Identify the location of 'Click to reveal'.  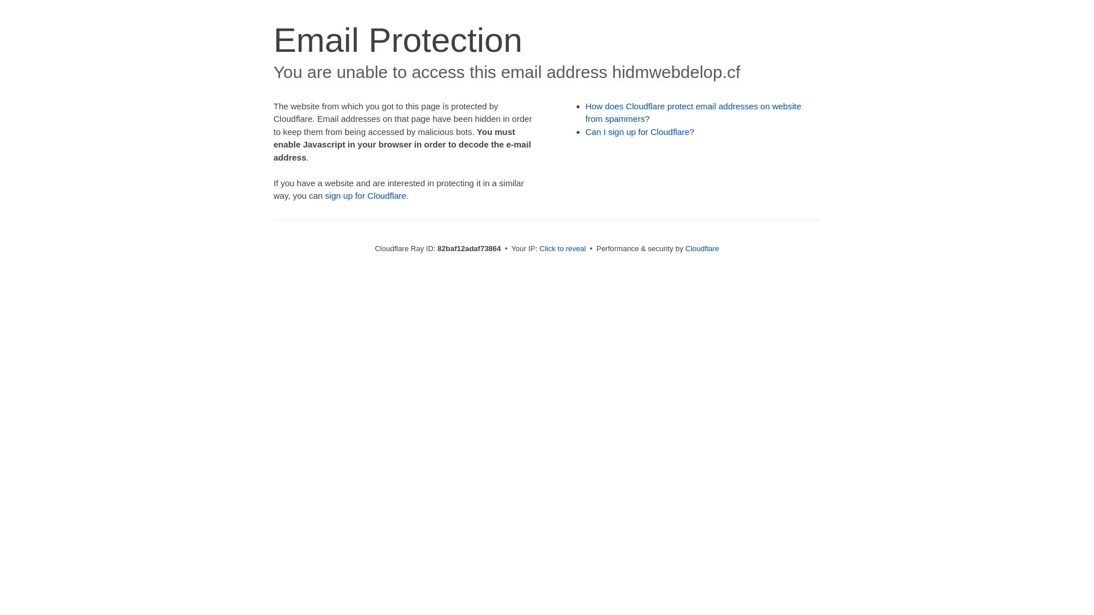
(563, 248).